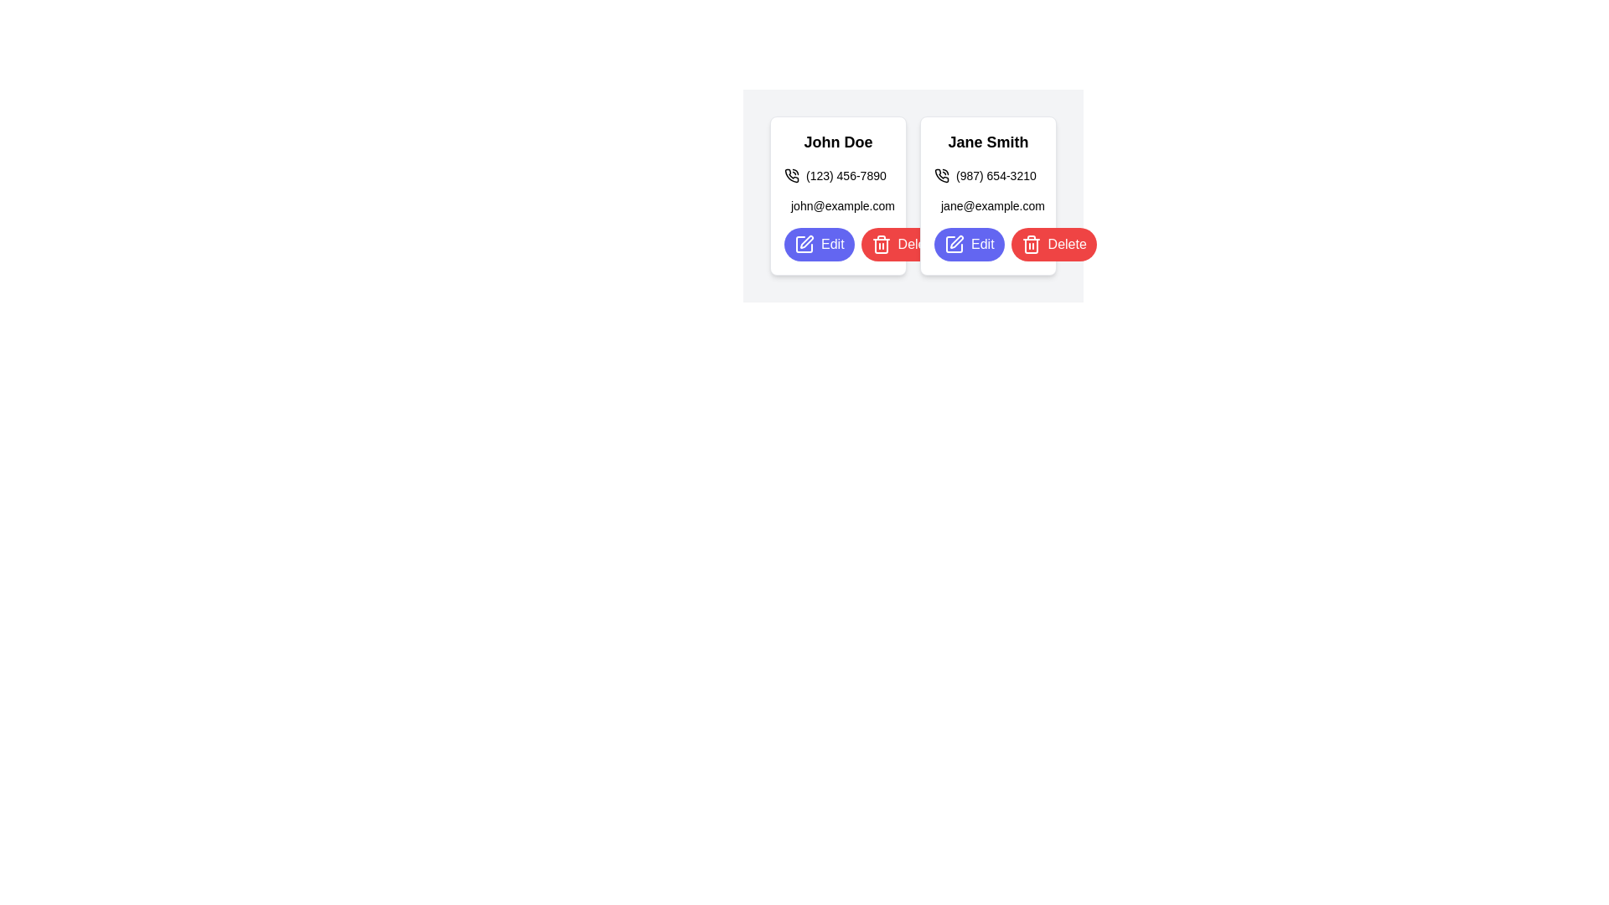  I want to click on the phone icon located to the left of the phone number '(123) 456-7890' in the contact card, positioned near the top-left corner of the card, so click(791, 175).